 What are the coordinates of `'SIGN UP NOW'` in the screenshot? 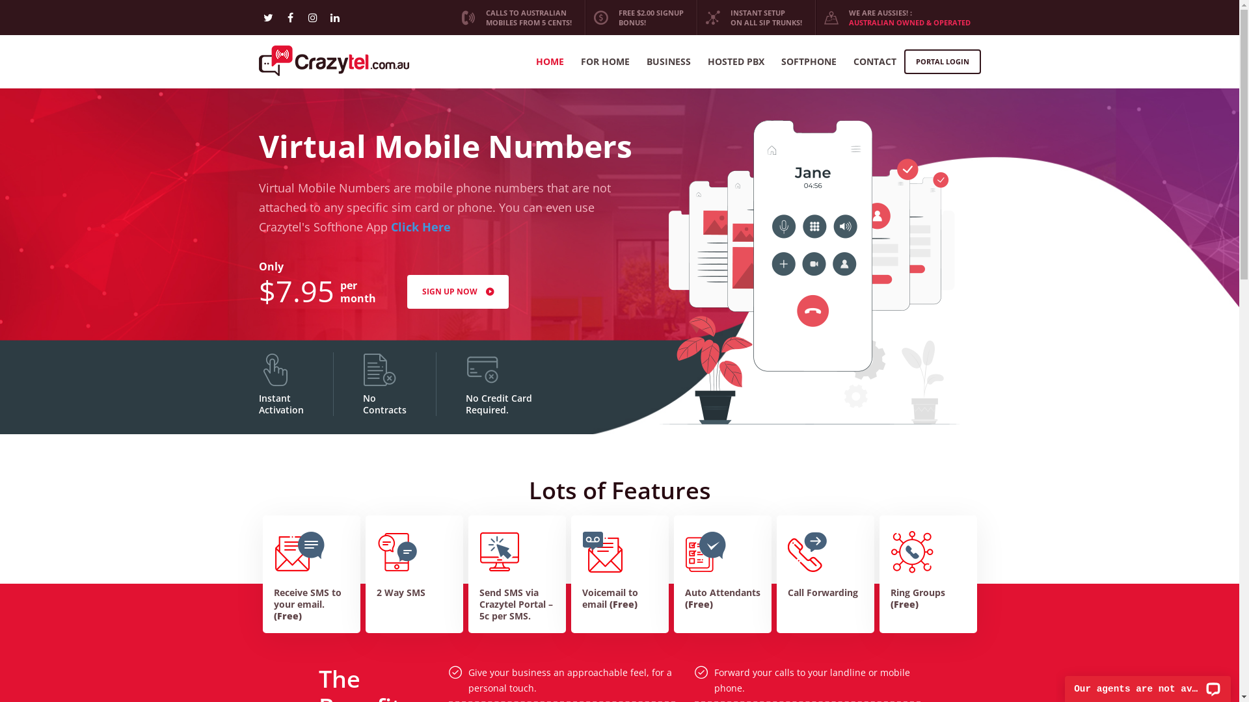 It's located at (458, 291).